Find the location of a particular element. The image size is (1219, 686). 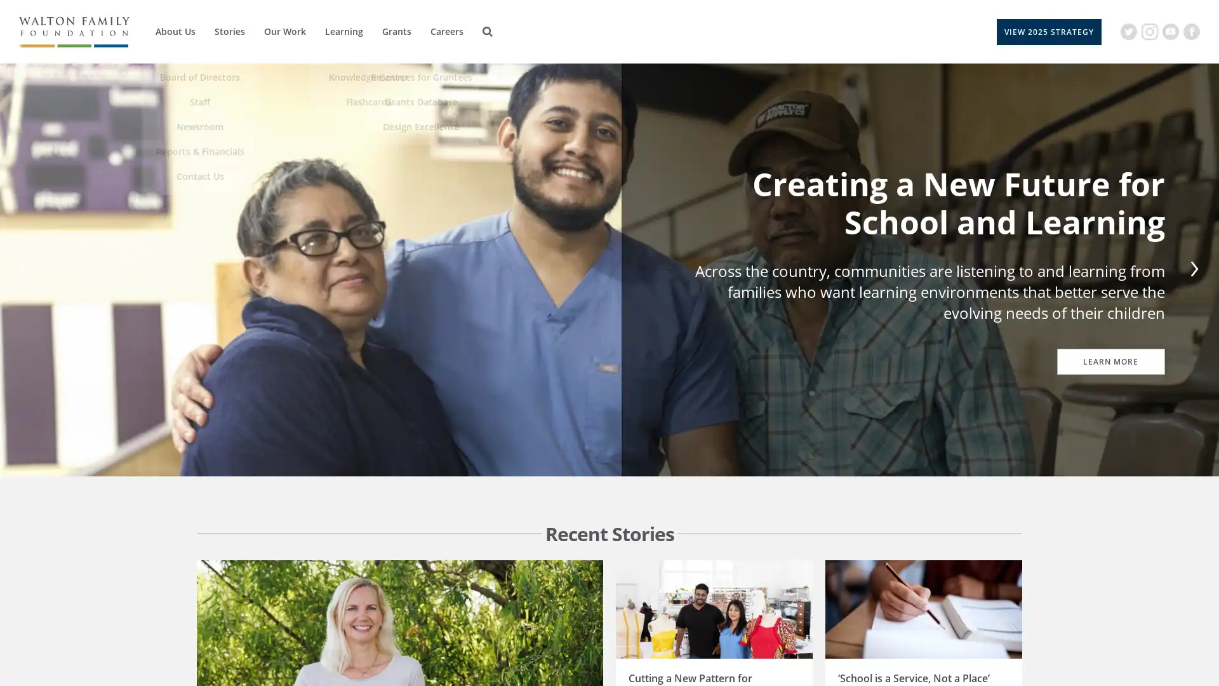

Search is located at coordinates (487, 31).